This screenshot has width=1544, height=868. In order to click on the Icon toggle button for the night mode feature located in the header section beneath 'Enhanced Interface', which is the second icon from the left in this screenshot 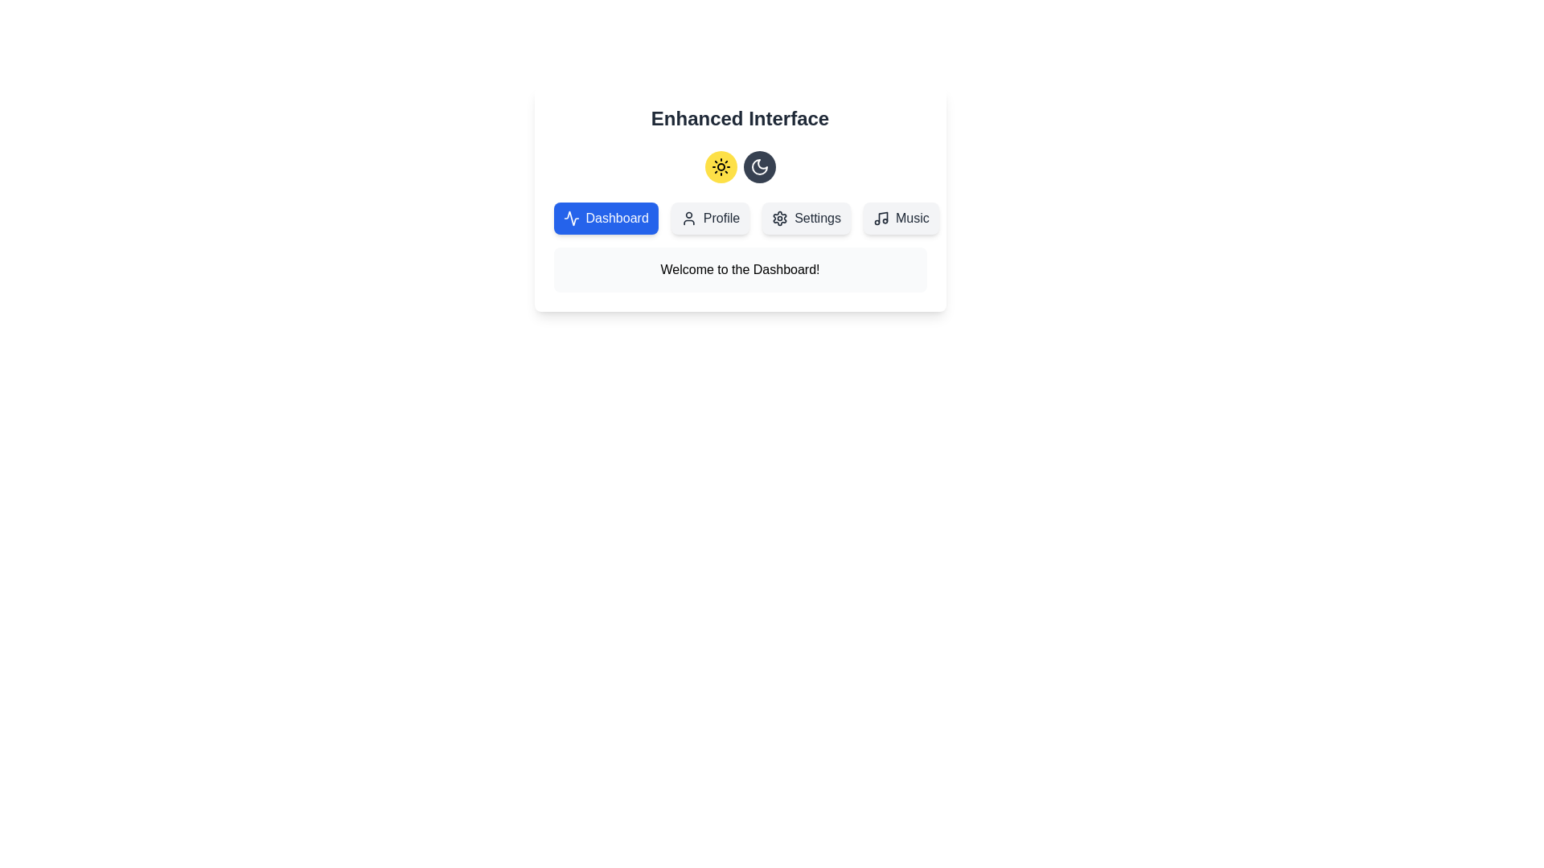, I will do `click(758, 167)`.